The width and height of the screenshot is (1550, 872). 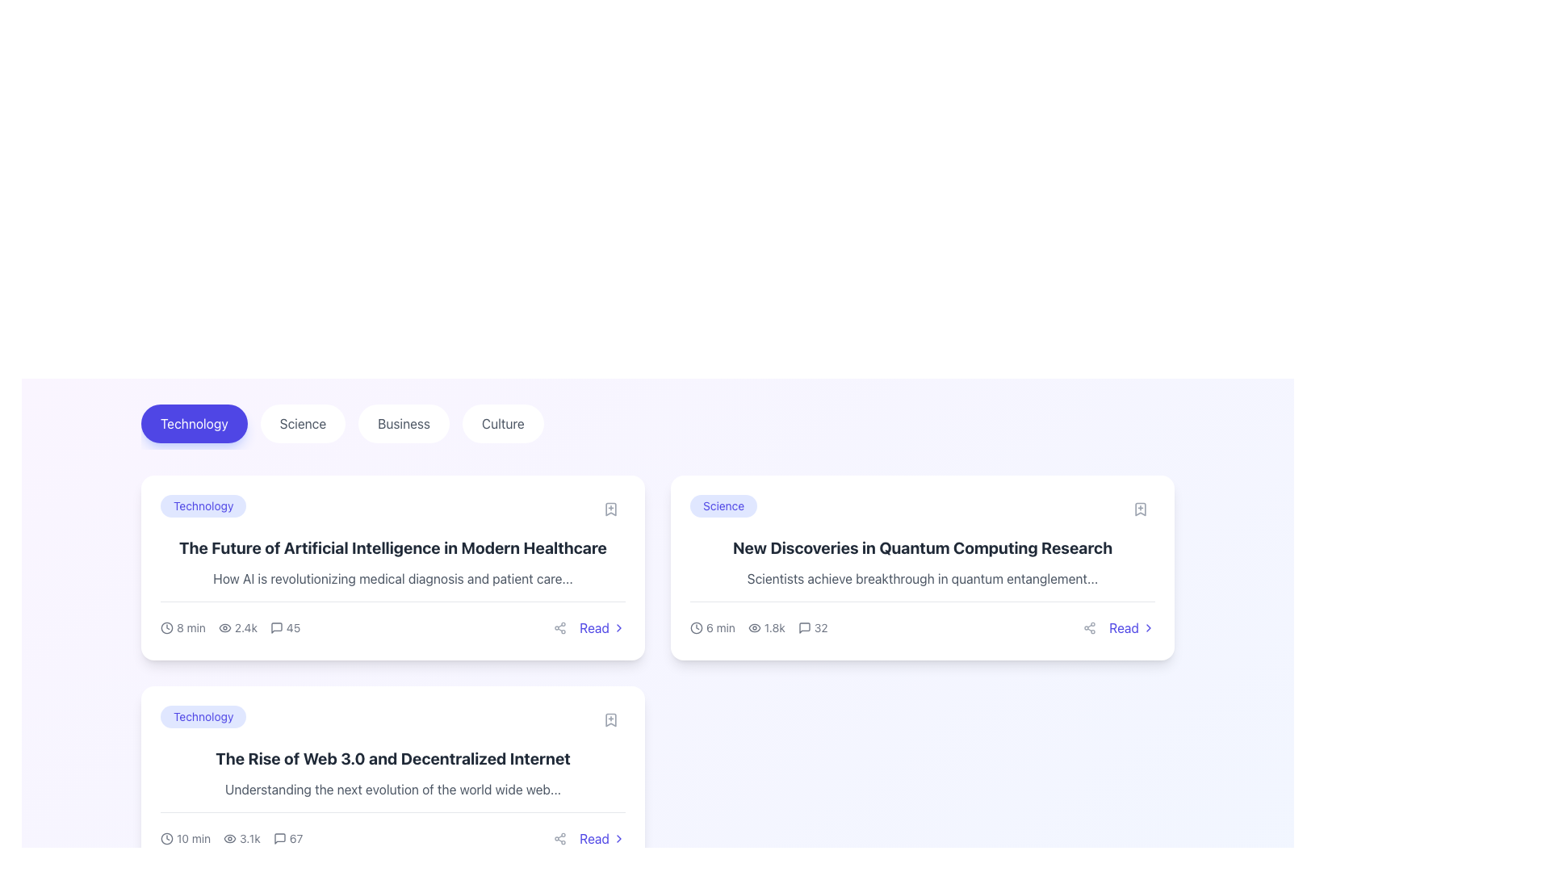 What do you see at coordinates (753, 627) in the screenshot?
I see `the eye icon that visually augments the numerical value '1.8k' next to it, located at the bottom of the card for the article titled 'New Discoveries in Quantum Computing Research.'` at bounding box center [753, 627].